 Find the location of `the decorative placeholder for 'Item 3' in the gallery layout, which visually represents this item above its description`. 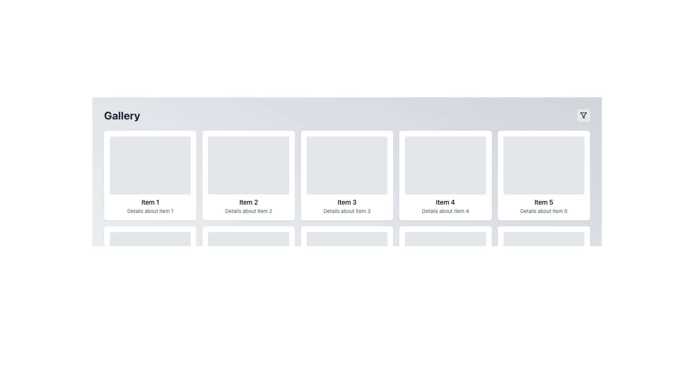

the decorative placeholder for 'Item 3' in the gallery layout, which visually represents this item above its description is located at coordinates (346, 165).